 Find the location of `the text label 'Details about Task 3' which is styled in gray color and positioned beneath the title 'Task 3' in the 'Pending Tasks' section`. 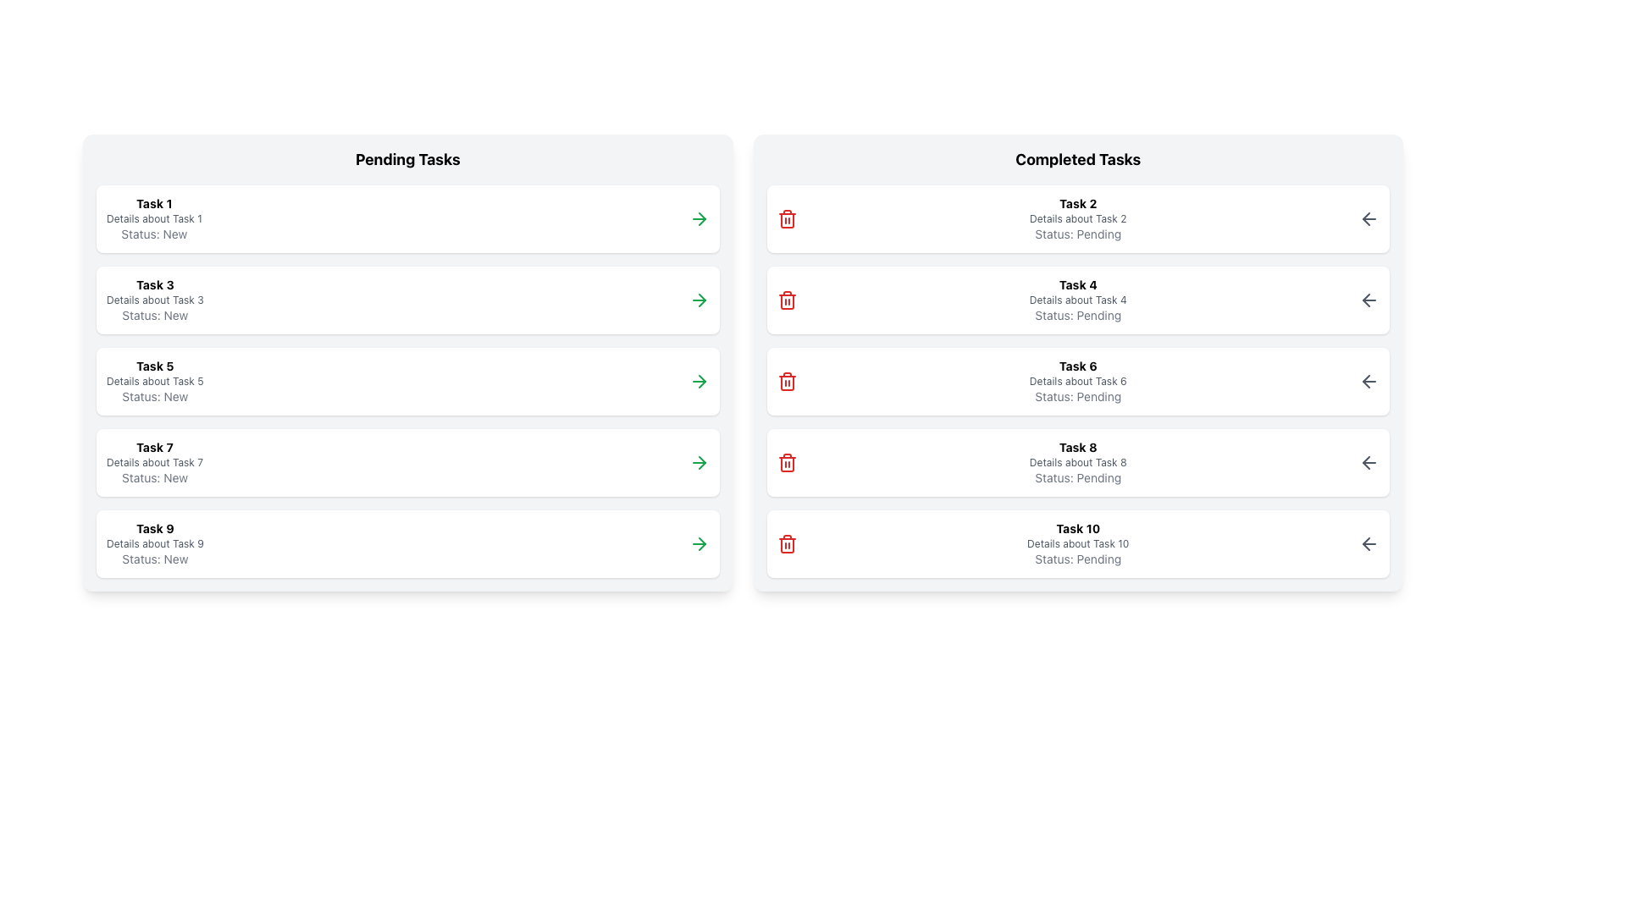

the text label 'Details about Task 3' which is styled in gray color and positioned beneath the title 'Task 3' in the 'Pending Tasks' section is located at coordinates (155, 299).